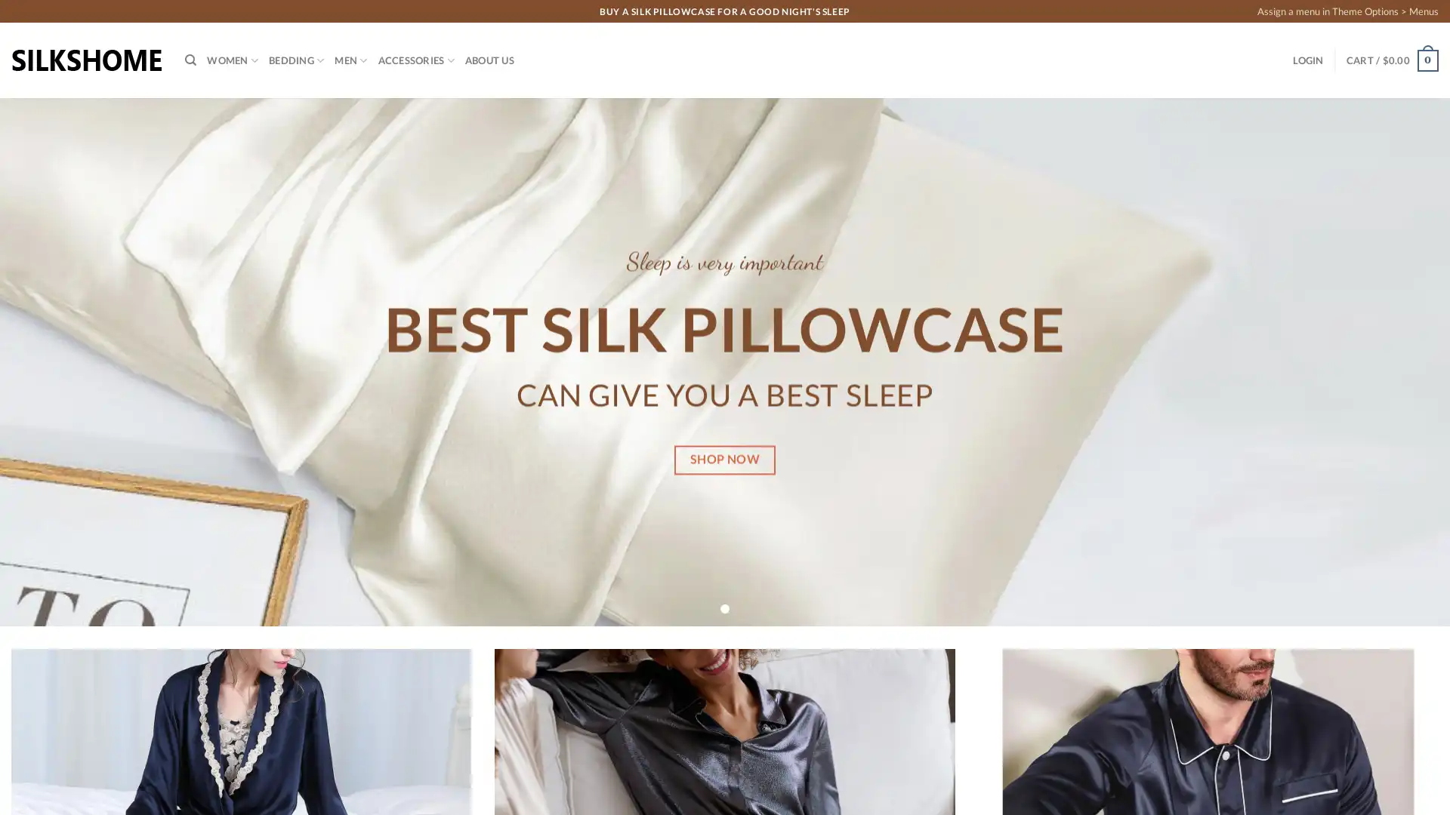 This screenshot has width=1450, height=815. What do you see at coordinates (1401, 361) in the screenshot?
I see `Next` at bounding box center [1401, 361].